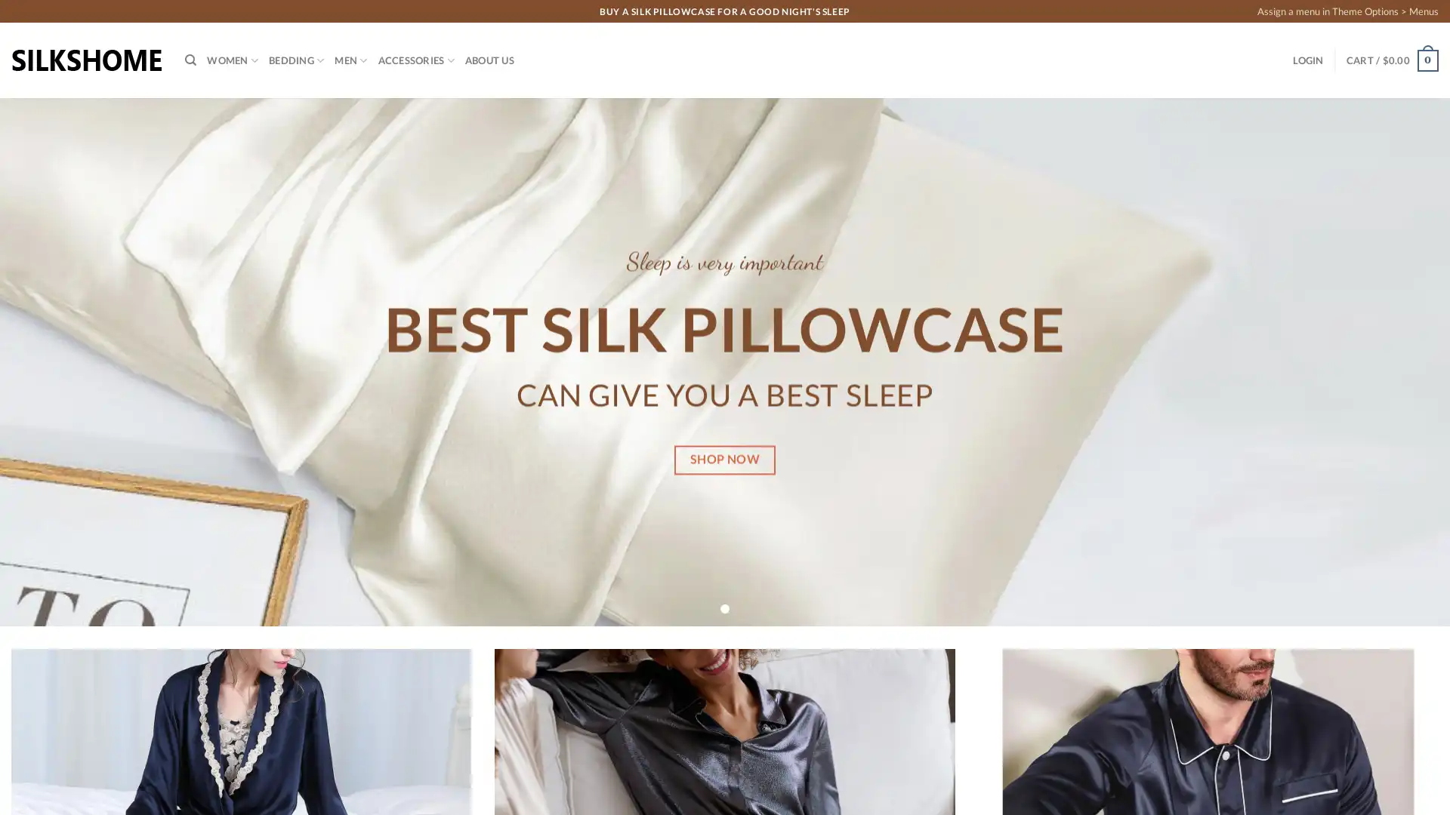 This screenshot has width=1450, height=815. What do you see at coordinates (1401, 361) in the screenshot?
I see `Next` at bounding box center [1401, 361].